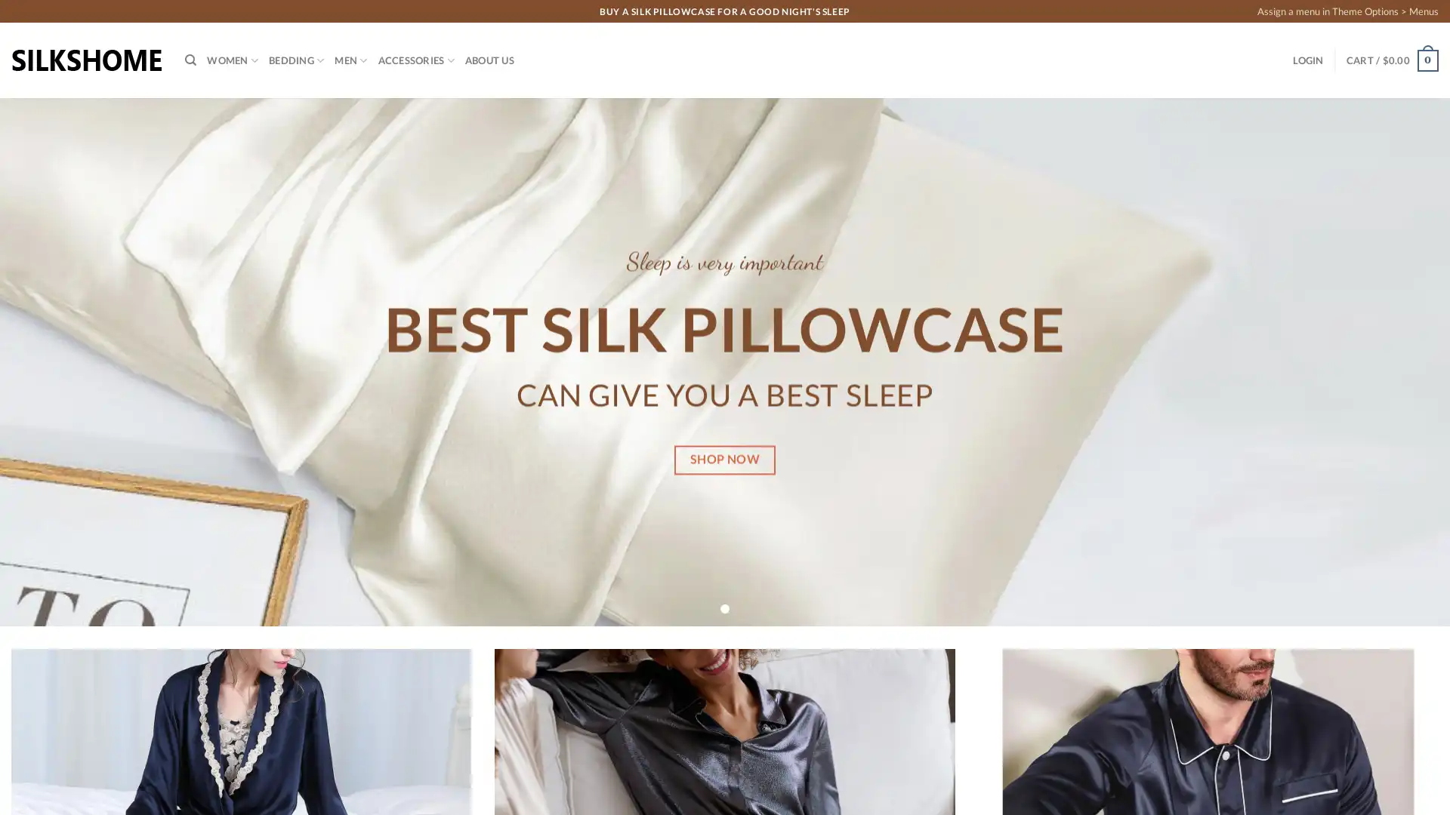 This screenshot has width=1450, height=815. What do you see at coordinates (1401, 361) in the screenshot?
I see `Next` at bounding box center [1401, 361].